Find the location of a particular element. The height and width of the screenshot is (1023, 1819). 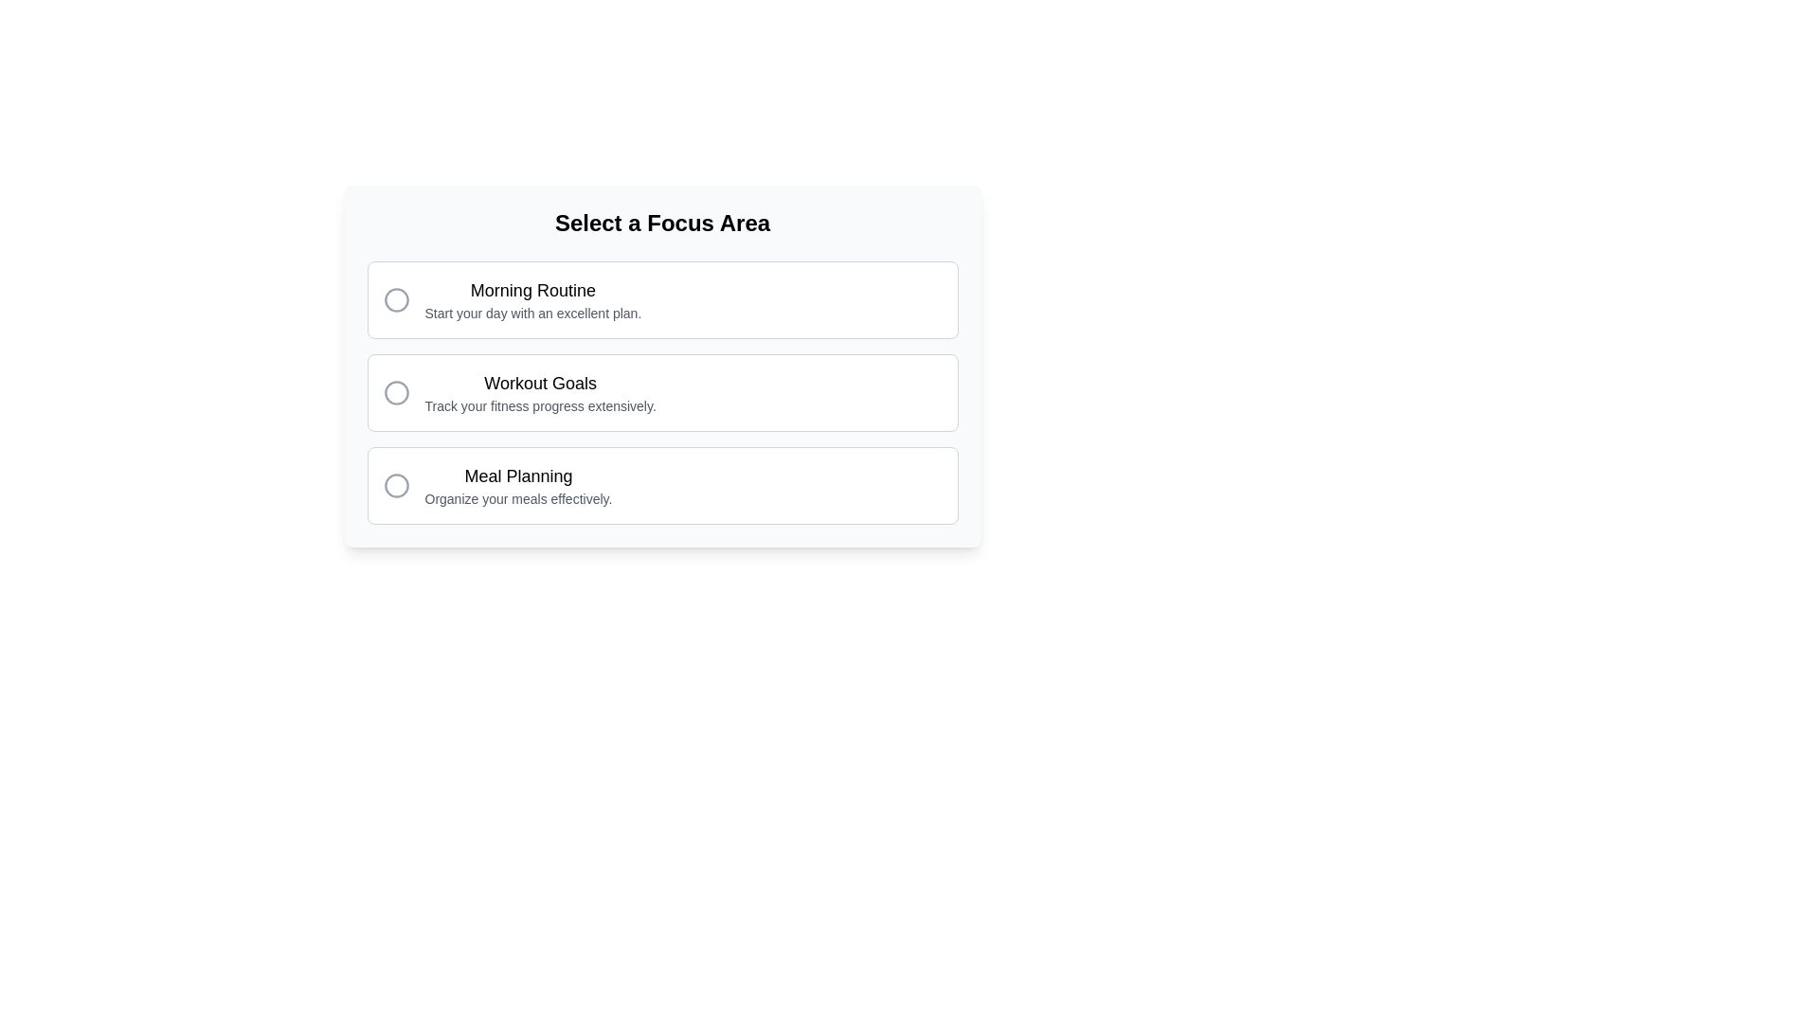

descriptive text label regarding 'Workout Goals' that is located below the heading 'Workout Goals' in the second list item of the 'Select a Focus Area' section is located at coordinates (539, 404).